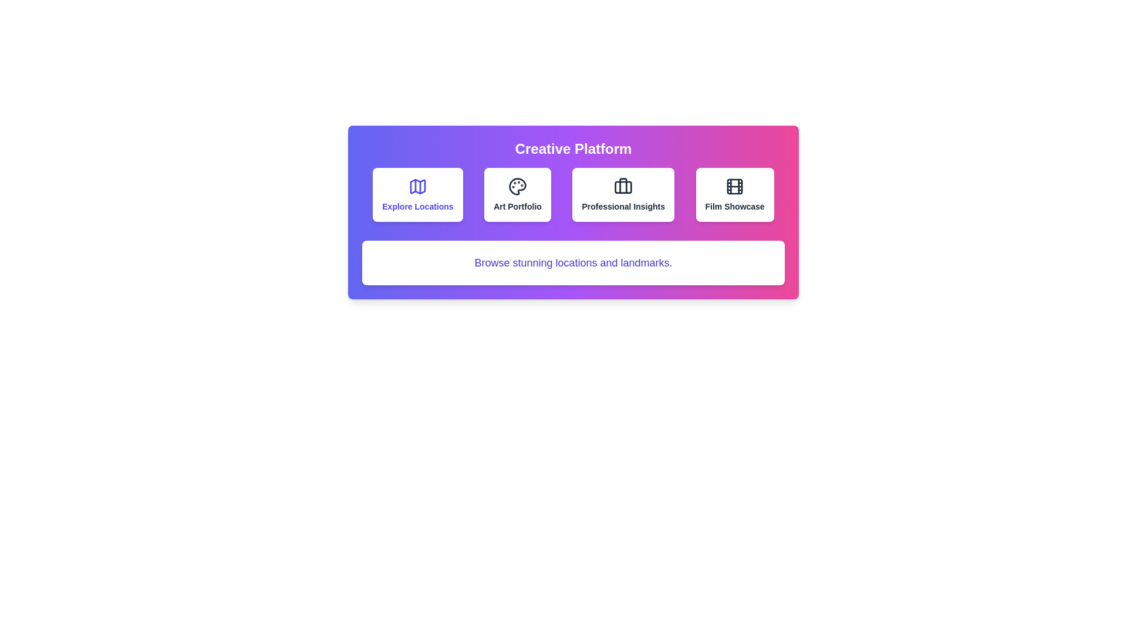 Image resolution: width=1127 pixels, height=634 pixels. I want to click on the category button labeled 'Professional Insights' to observe the hover effect, so click(622, 194).